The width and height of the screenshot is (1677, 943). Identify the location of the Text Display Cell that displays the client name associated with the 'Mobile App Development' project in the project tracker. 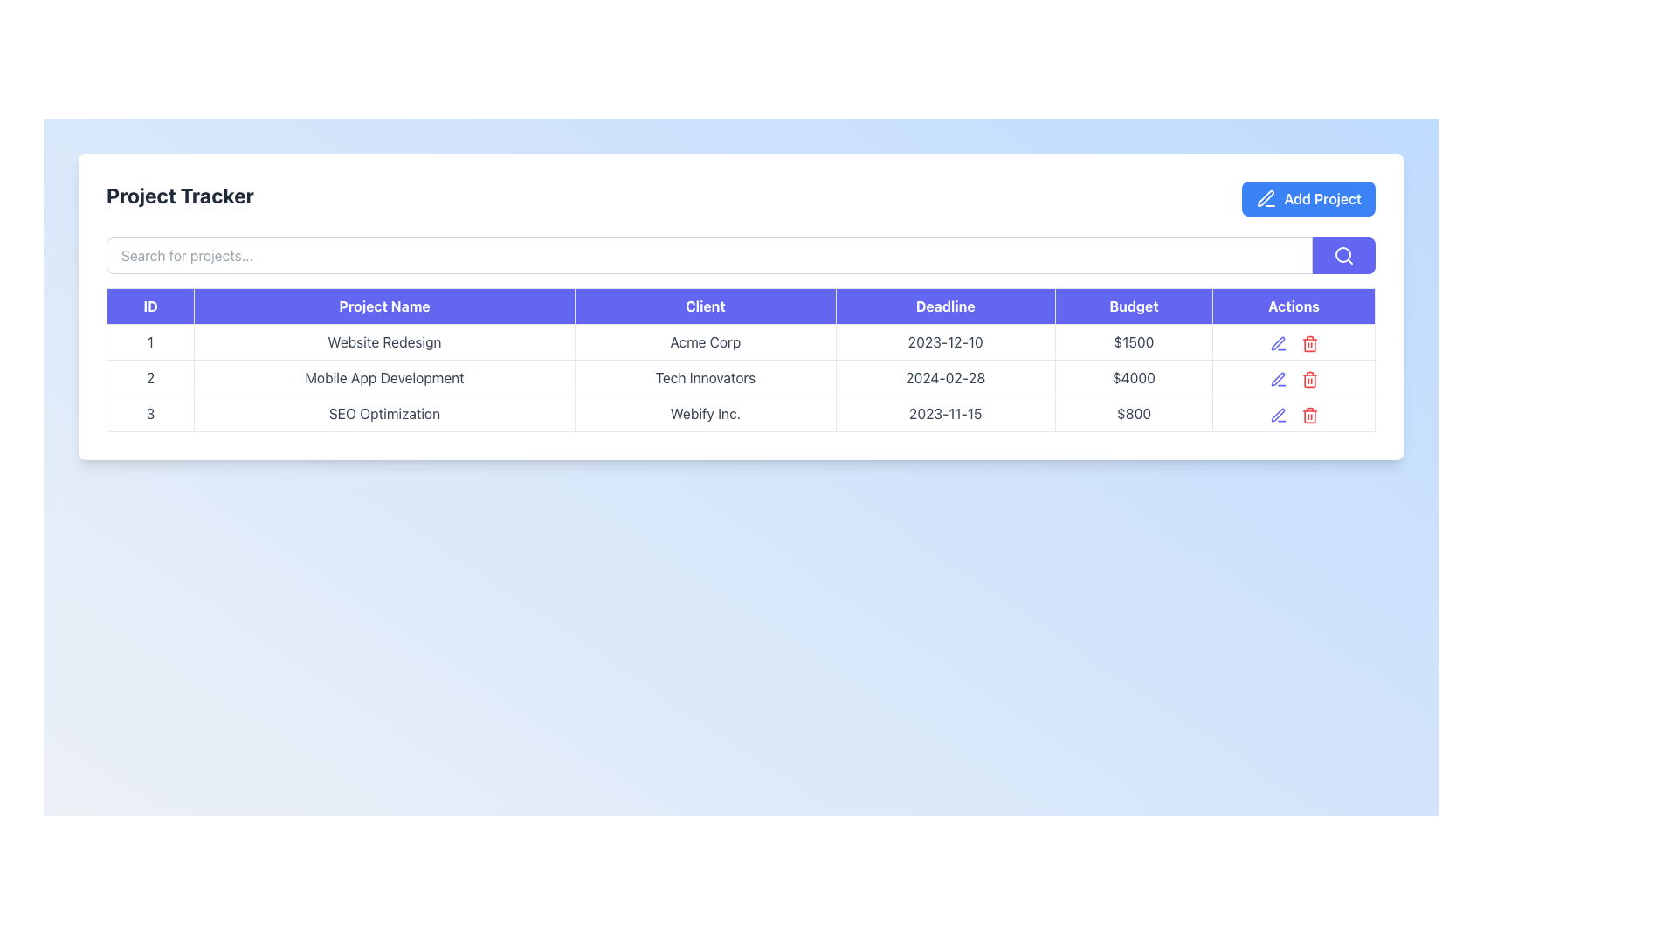
(705, 376).